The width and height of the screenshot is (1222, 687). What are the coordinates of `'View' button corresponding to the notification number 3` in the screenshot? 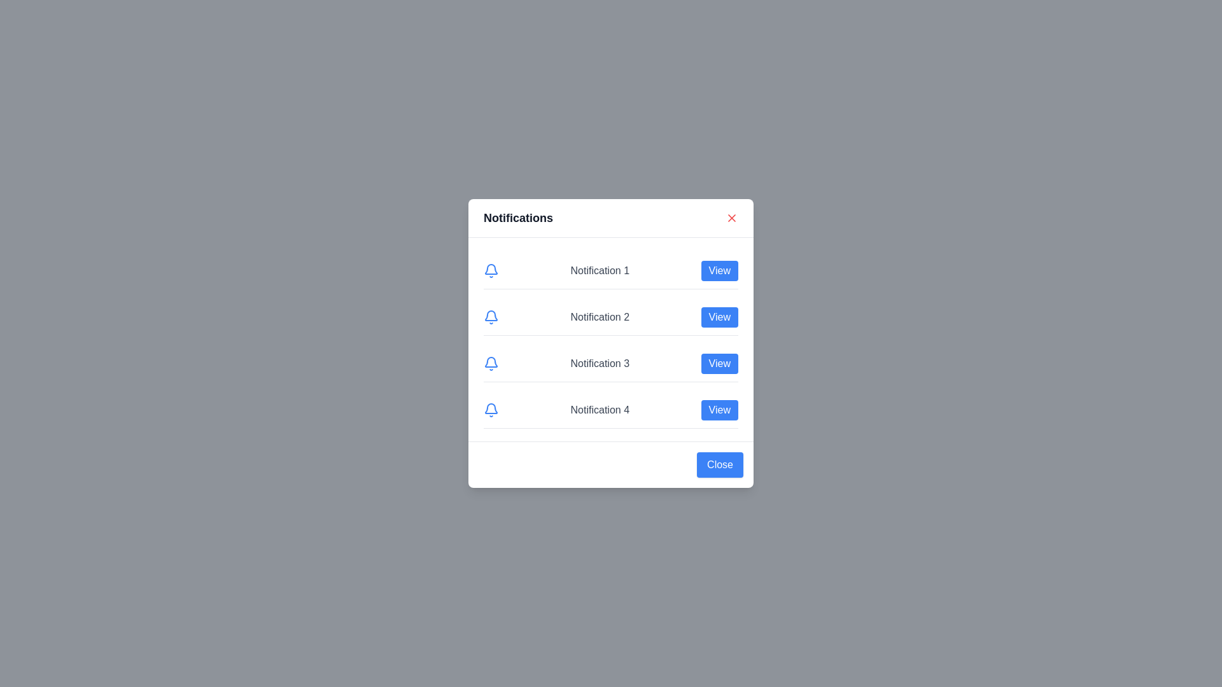 It's located at (719, 363).